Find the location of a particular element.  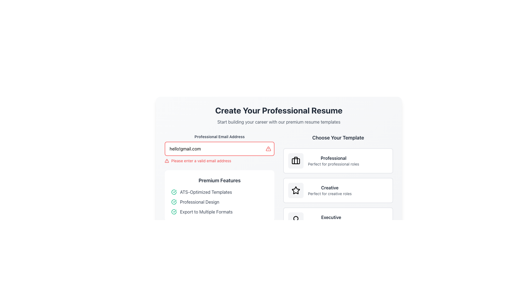

the text label displaying 'Export to Multiple Formats', which is the third text in the 'Premium Features' section, located below 'ATS-Optimized Templates' and 'Professional Design' is located at coordinates (206, 211).